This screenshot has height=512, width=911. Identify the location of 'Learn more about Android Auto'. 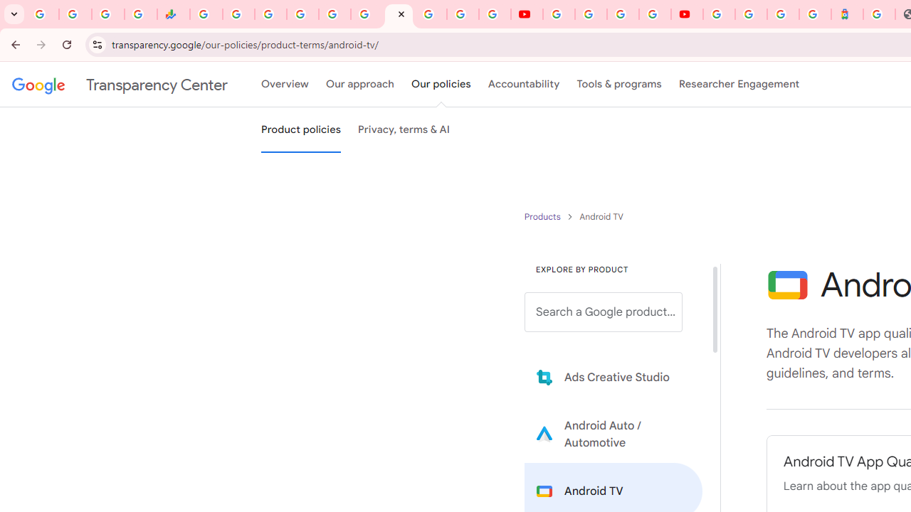
(614, 433).